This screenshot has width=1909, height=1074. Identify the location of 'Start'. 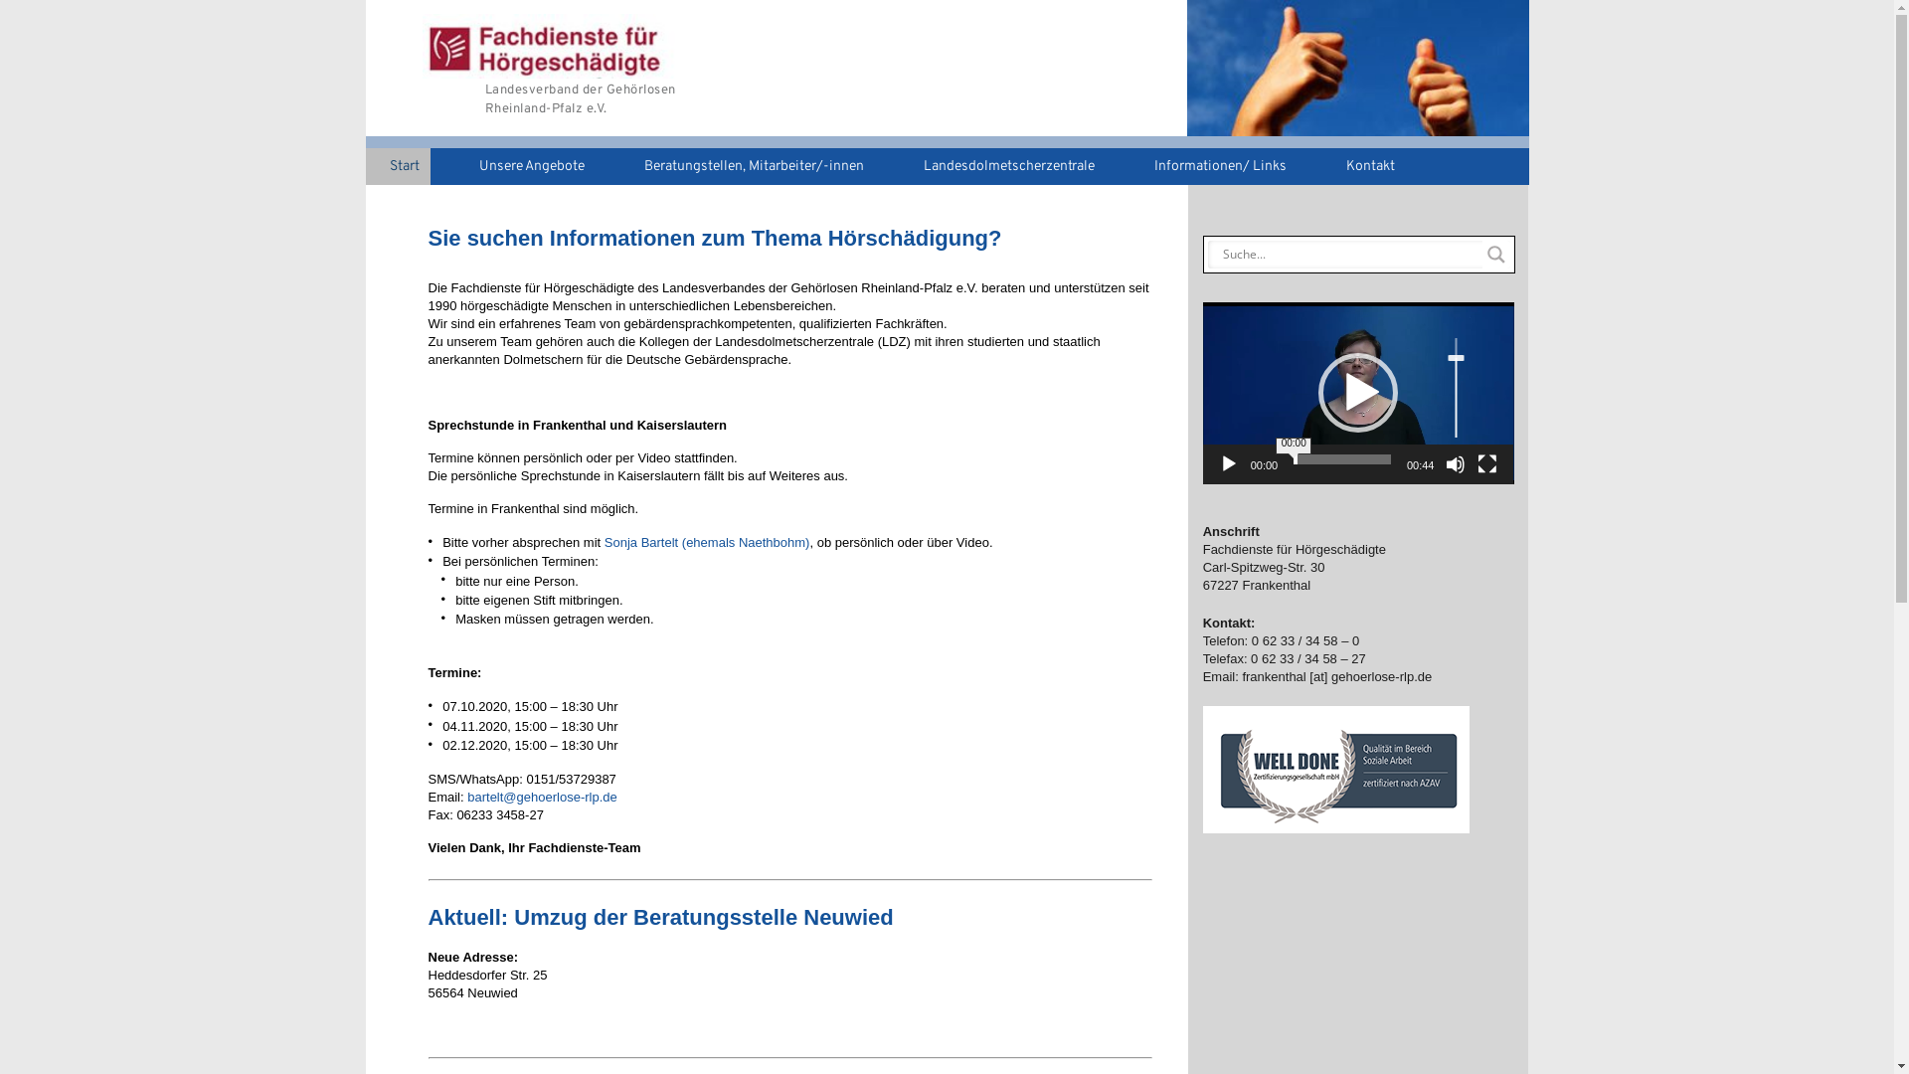
(366, 165).